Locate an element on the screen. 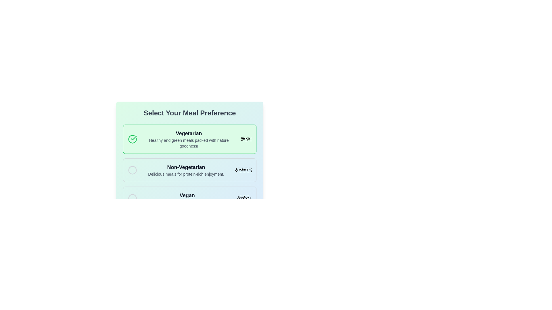  the static text label indicating the meal preference category for vegetarian options, which is centrally aligned above the text 'Healthy and green meals packed with nature goodness!' is located at coordinates (189, 133).